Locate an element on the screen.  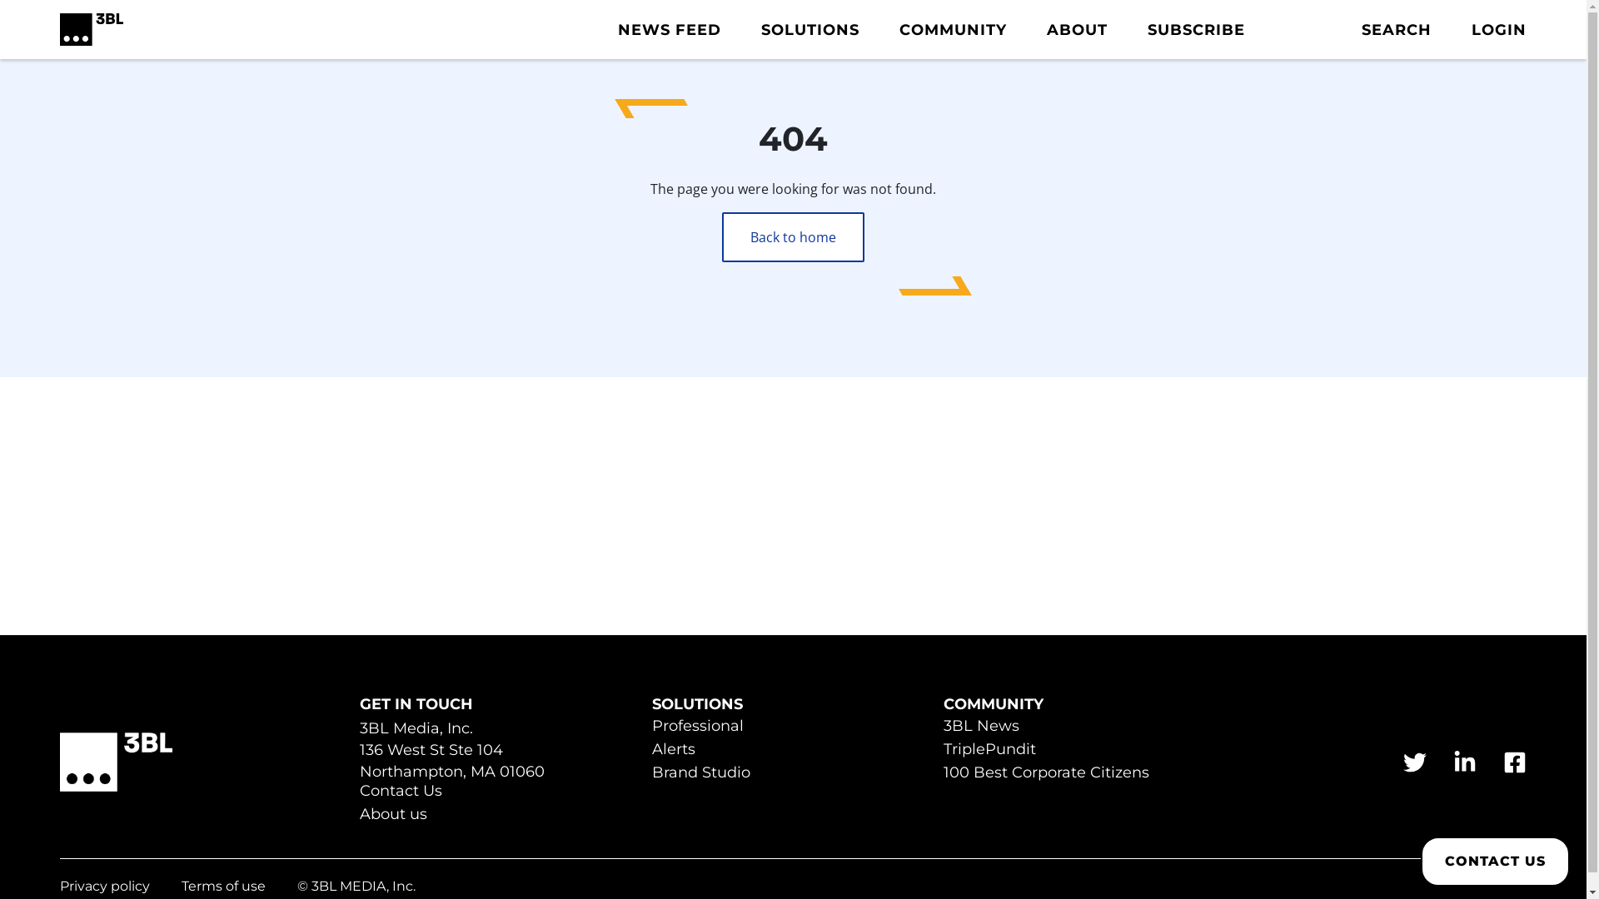
'Professional' is located at coordinates (698, 727).